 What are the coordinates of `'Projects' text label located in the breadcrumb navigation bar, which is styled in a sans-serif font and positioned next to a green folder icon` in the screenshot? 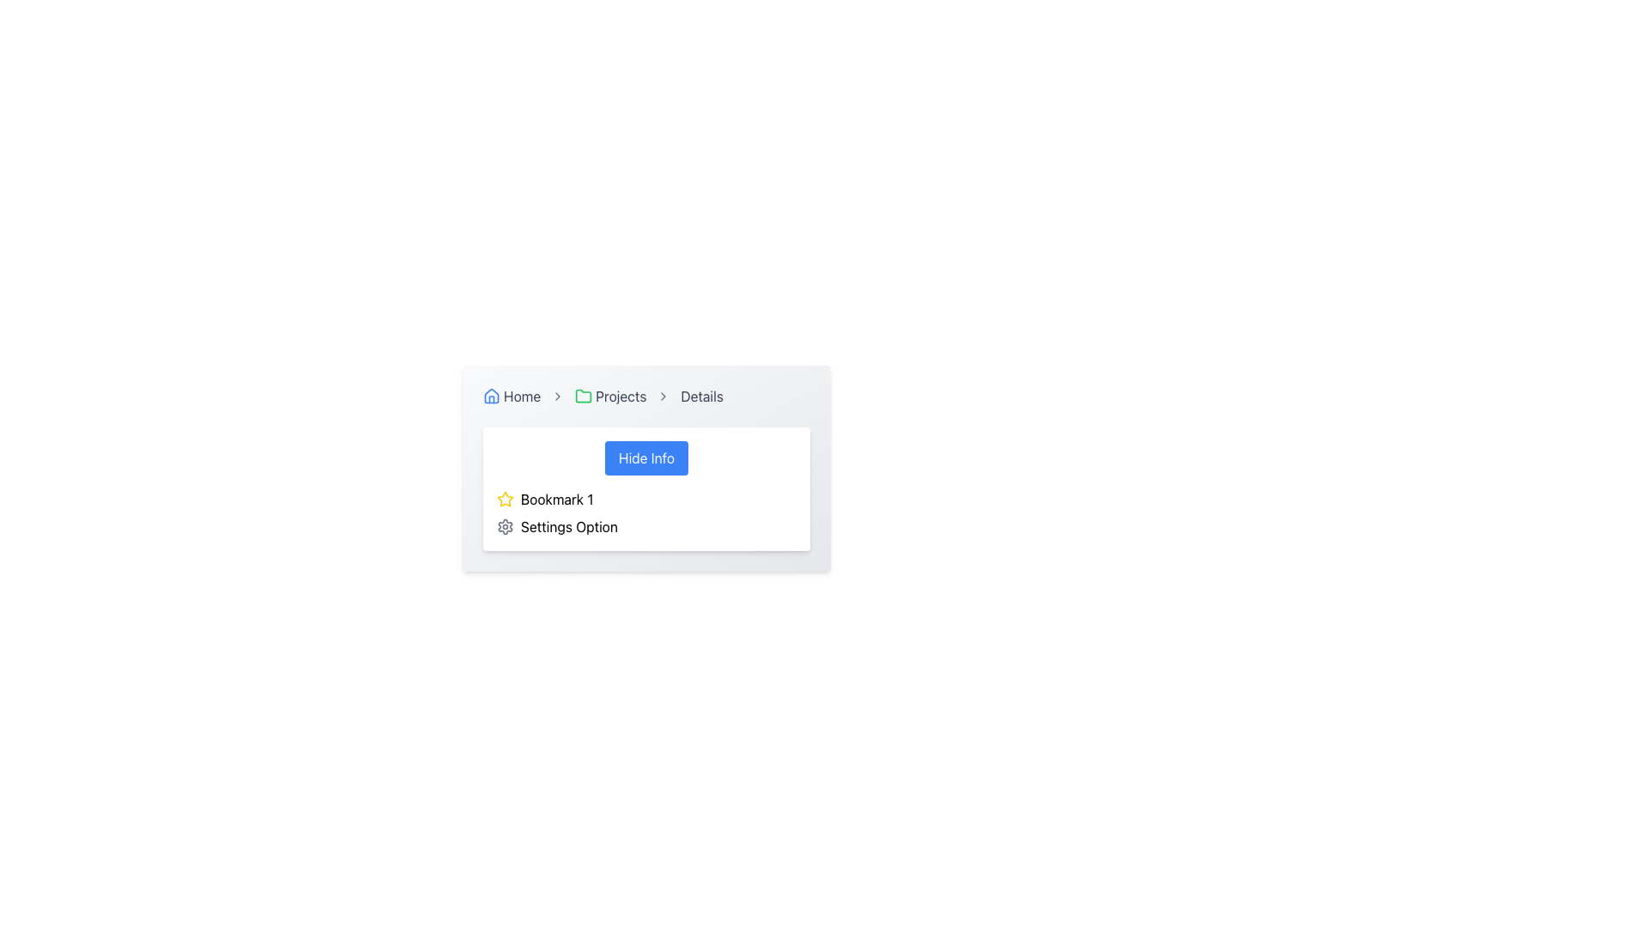 It's located at (620, 397).